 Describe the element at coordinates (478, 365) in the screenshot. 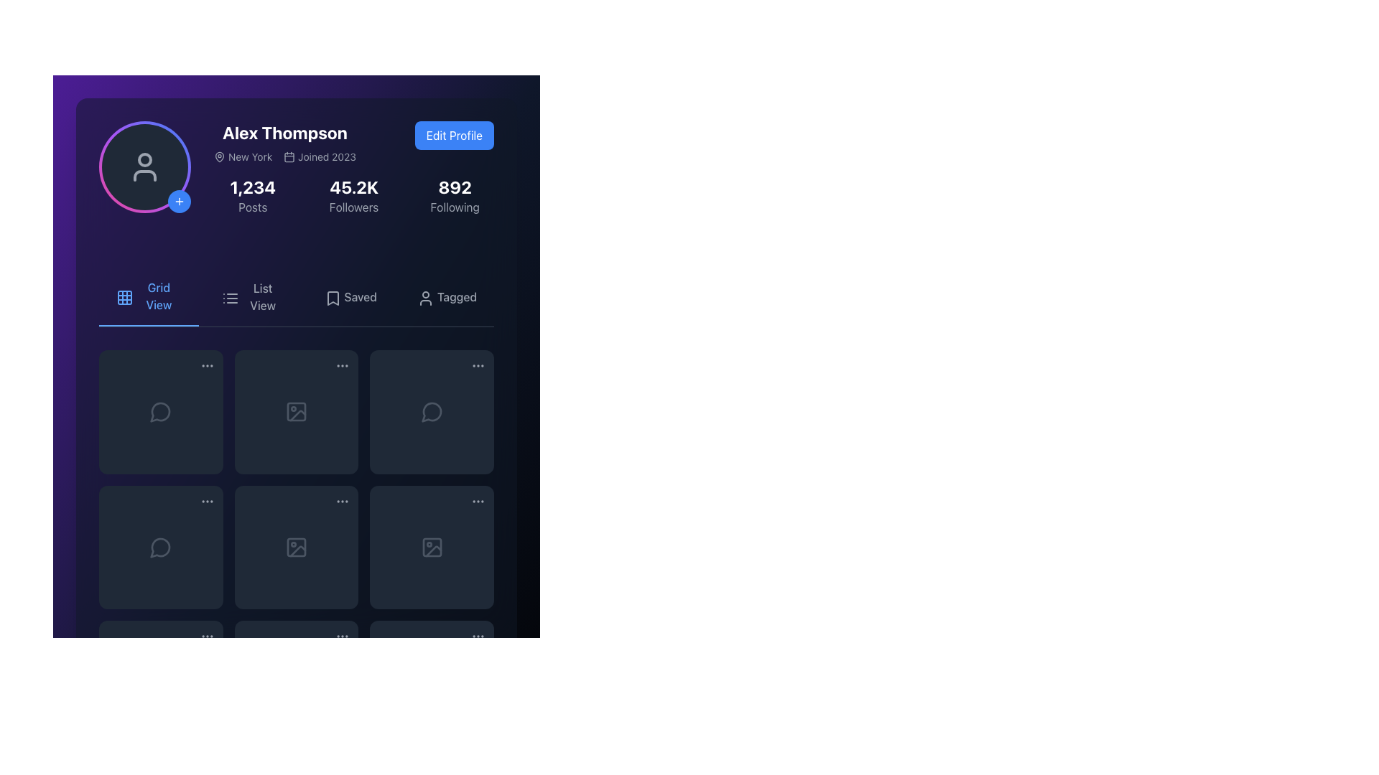

I see `the button located in the top-right corner of the grid cell` at that location.